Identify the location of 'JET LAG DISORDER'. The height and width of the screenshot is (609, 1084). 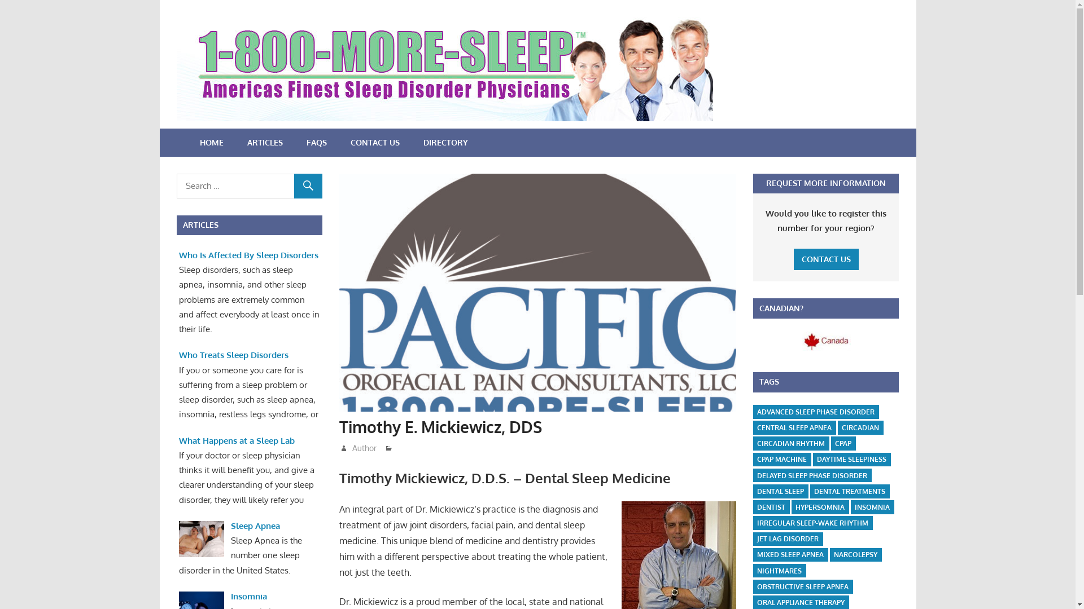
(753, 539).